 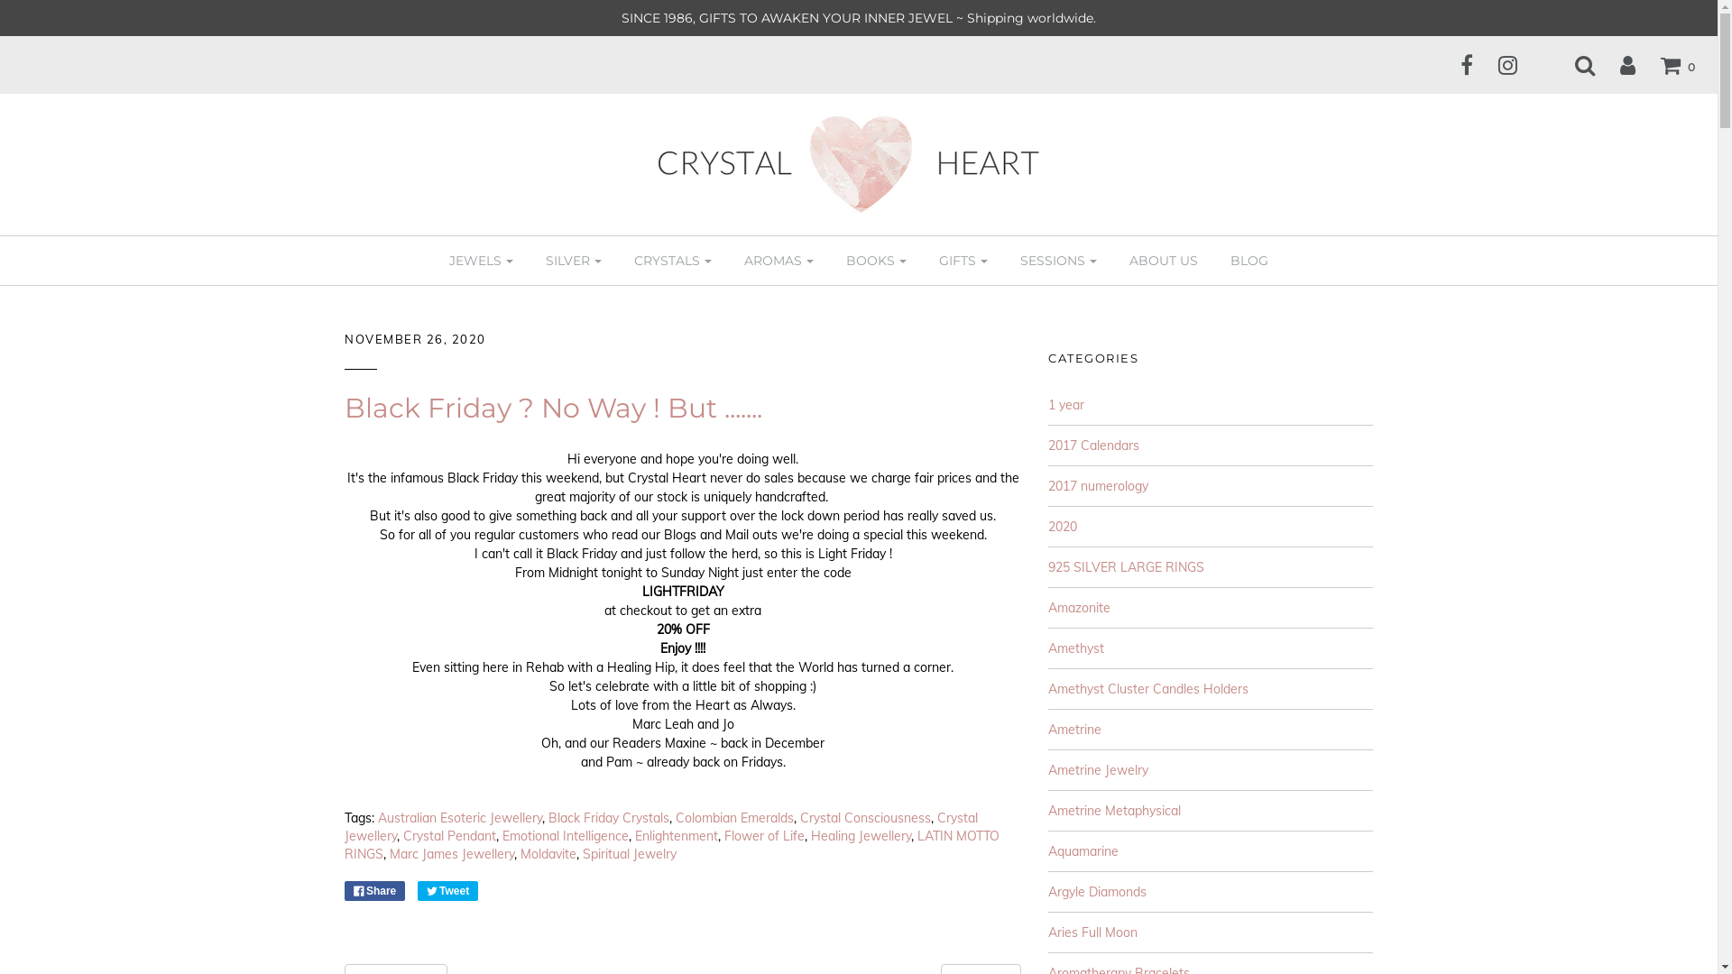 I want to click on 'GIFTS', so click(x=963, y=261).